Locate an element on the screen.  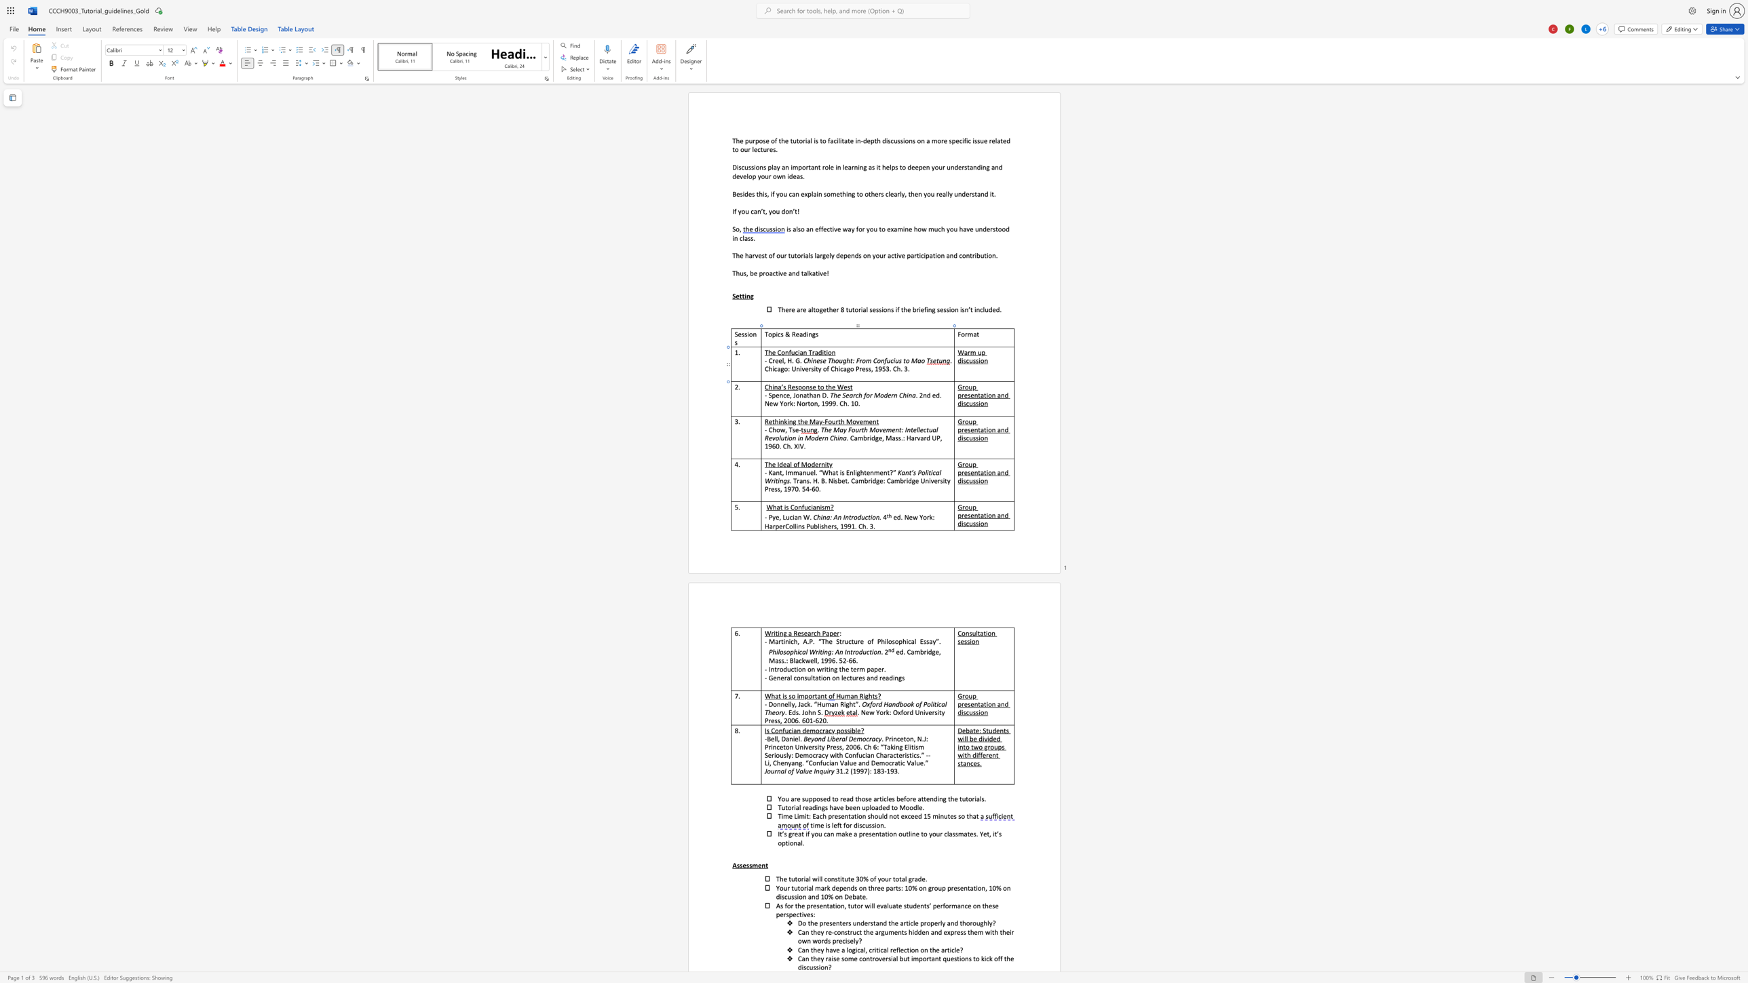
the space between the continuous character "d" and "i" in the text is located at coordinates (821, 352).